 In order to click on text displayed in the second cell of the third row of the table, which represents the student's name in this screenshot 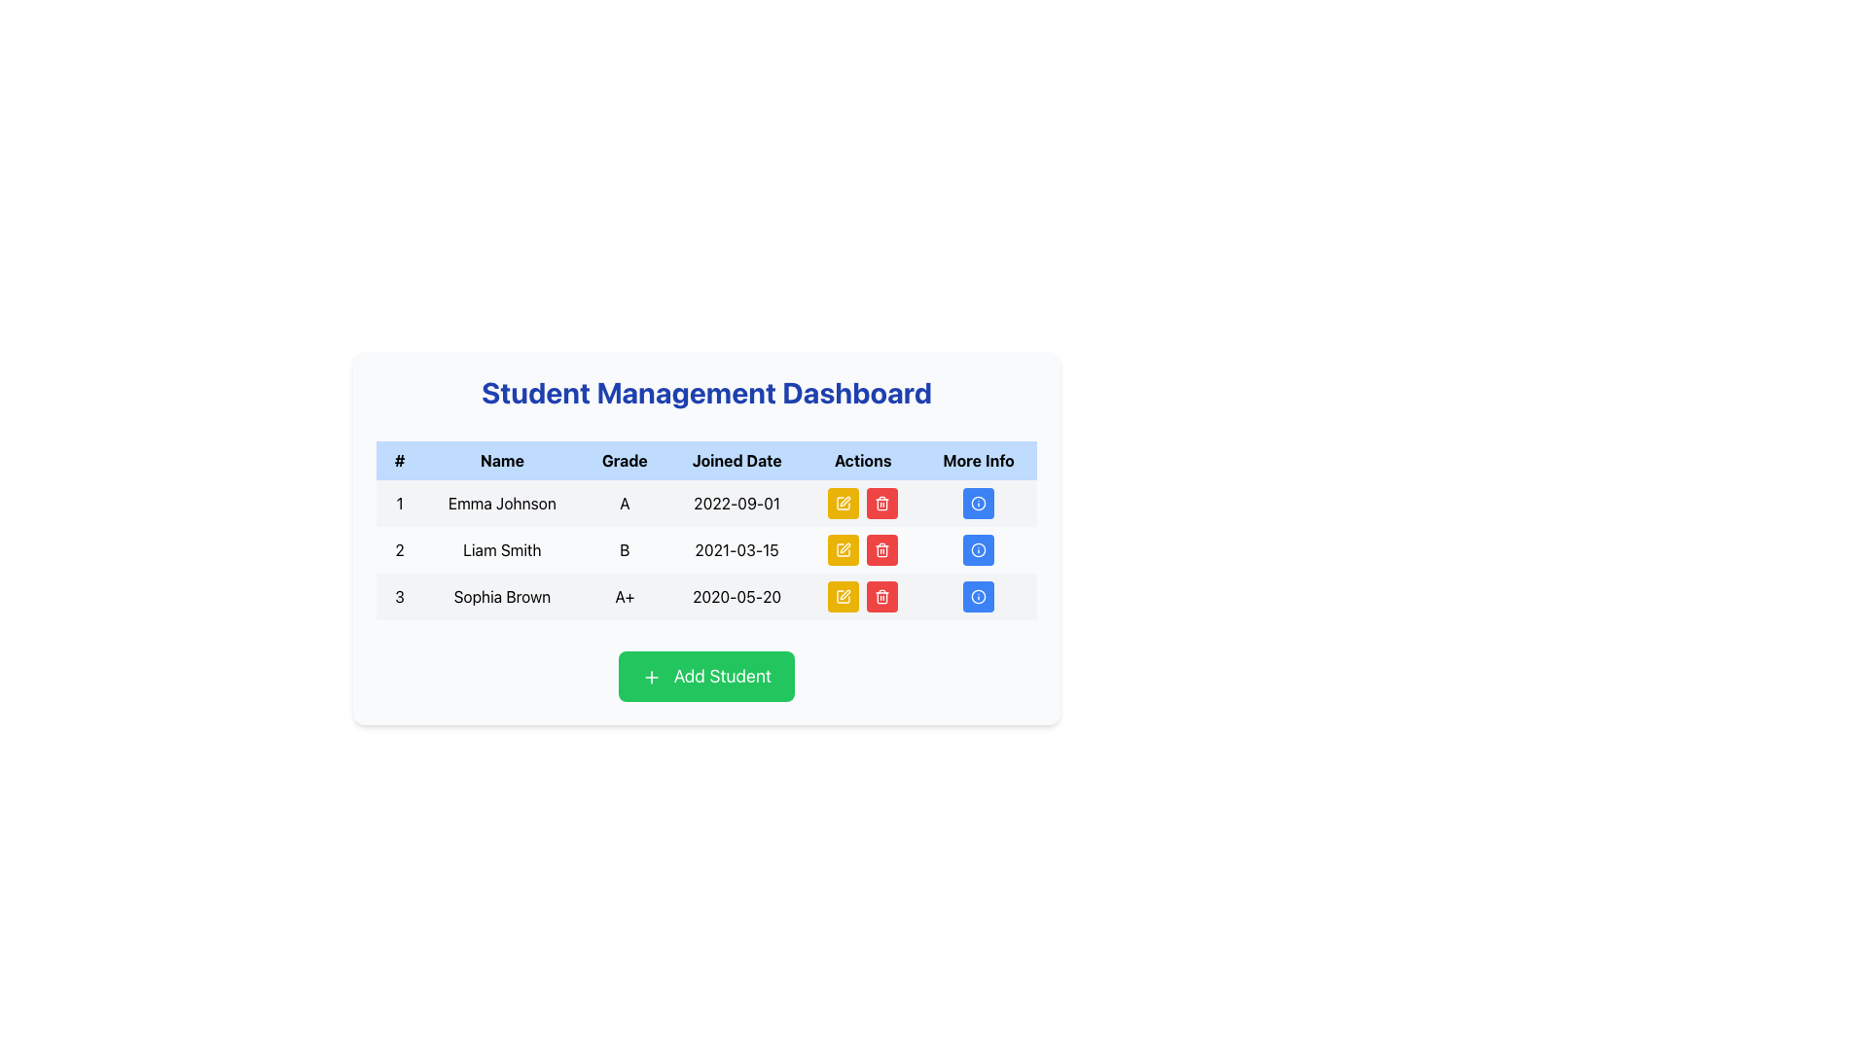, I will do `click(502, 595)`.